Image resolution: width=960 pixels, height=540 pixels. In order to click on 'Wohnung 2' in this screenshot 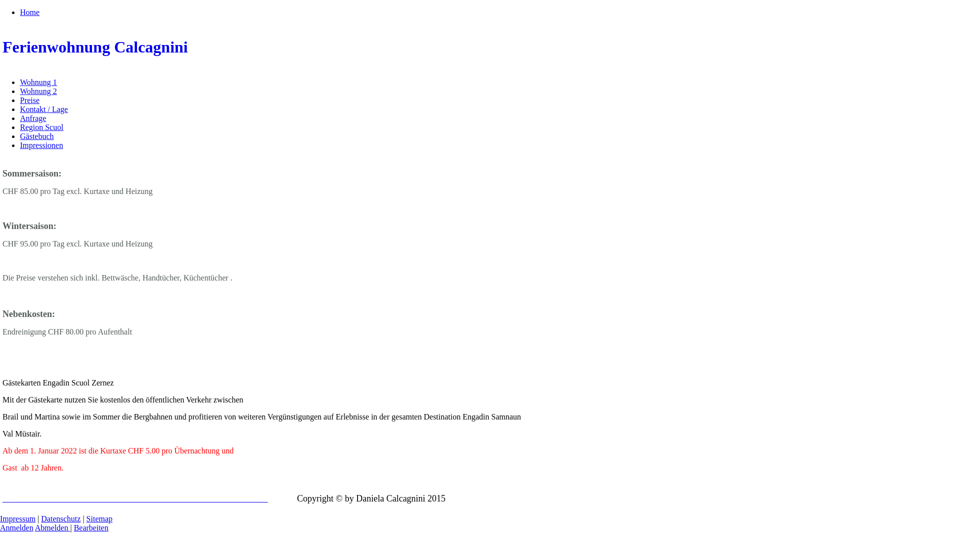, I will do `click(38, 91)`.